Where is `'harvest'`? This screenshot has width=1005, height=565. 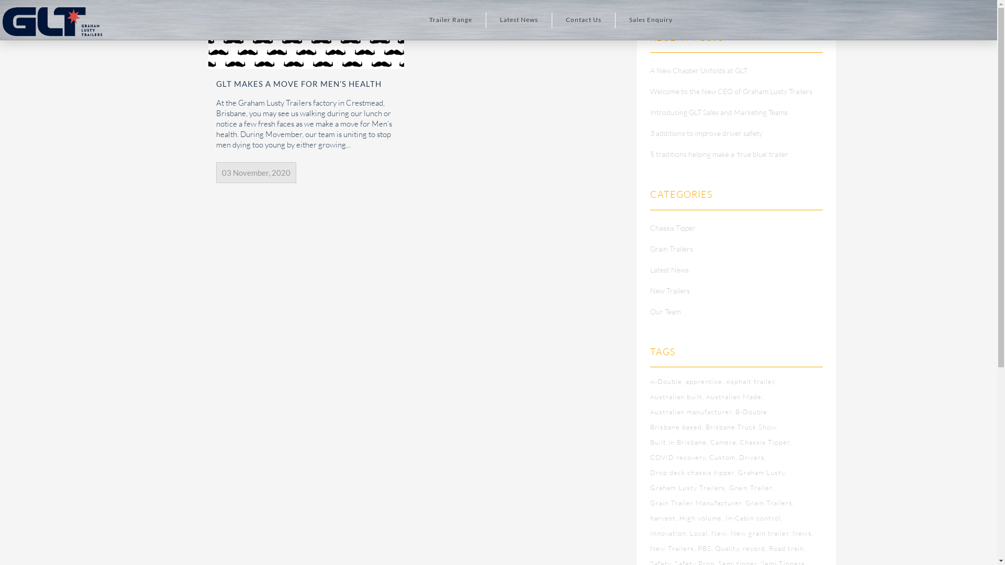
'harvest' is located at coordinates (650, 518).